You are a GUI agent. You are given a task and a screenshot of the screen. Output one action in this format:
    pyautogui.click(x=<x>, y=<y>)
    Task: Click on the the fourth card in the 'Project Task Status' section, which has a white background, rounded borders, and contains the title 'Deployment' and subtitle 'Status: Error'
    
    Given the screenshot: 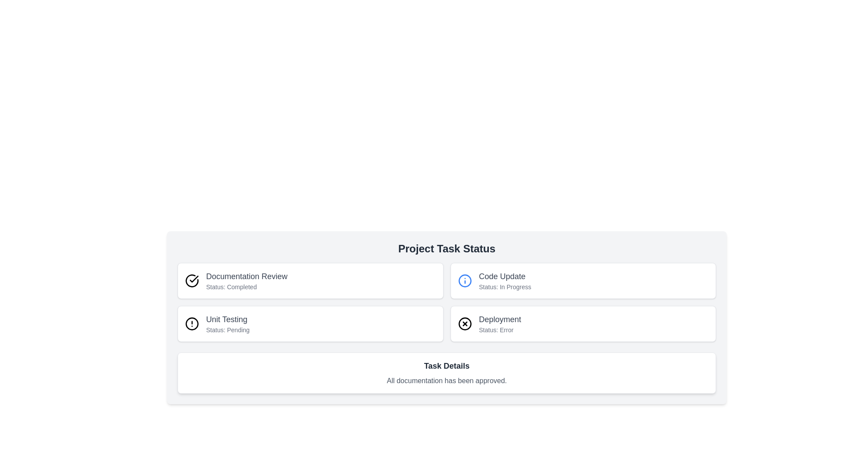 What is the action you would take?
    pyautogui.click(x=583, y=323)
    